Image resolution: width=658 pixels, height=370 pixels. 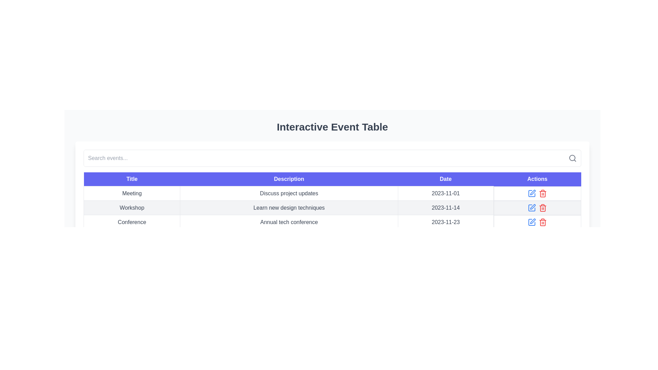 I want to click on the red trash can icon in the Actions column of the second row, so click(x=537, y=207).